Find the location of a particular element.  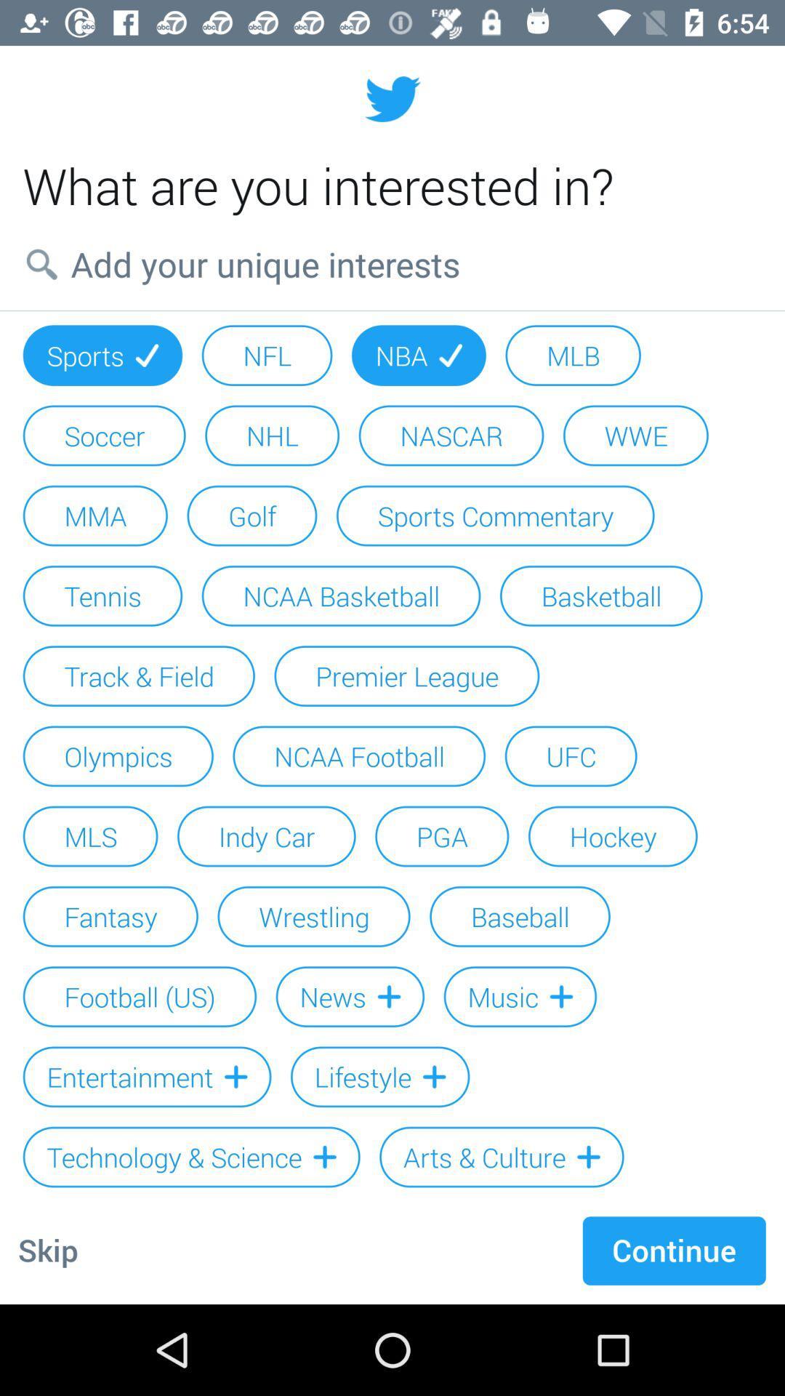

the icon below technology & science item is located at coordinates (47, 1250).